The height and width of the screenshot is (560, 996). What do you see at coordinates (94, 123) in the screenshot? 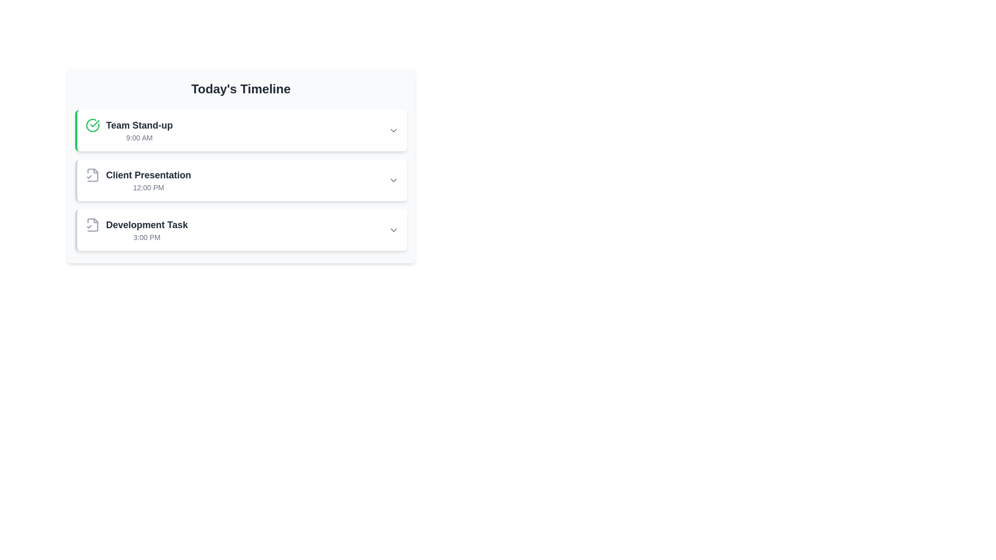
I see `the green stroke of the checkmark icon representing the completed status located on the left side of the 'Team Stand-up' at 9:00 AM` at bounding box center [94, 123].